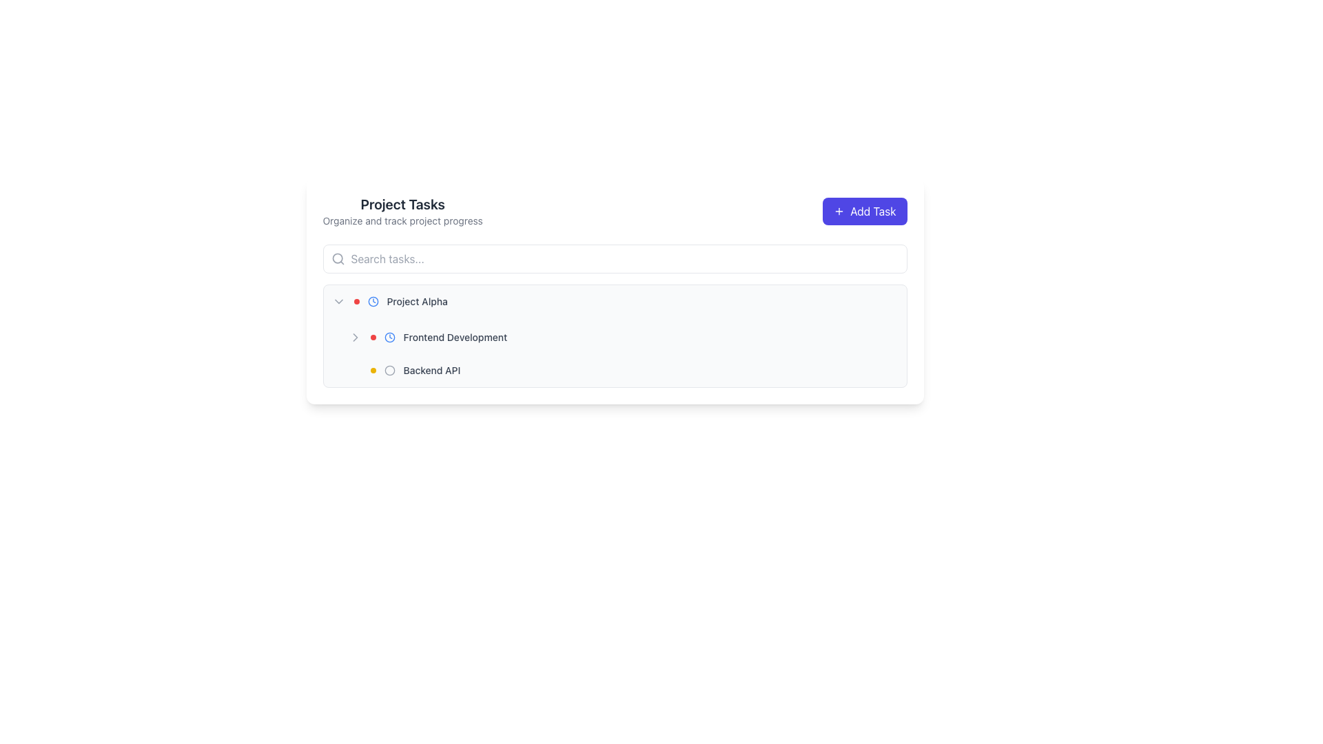 The image size is (1323, 744). I want to click on the 'Frontend Development' task item within the 'Project Alpha' group, so click(552, 337).